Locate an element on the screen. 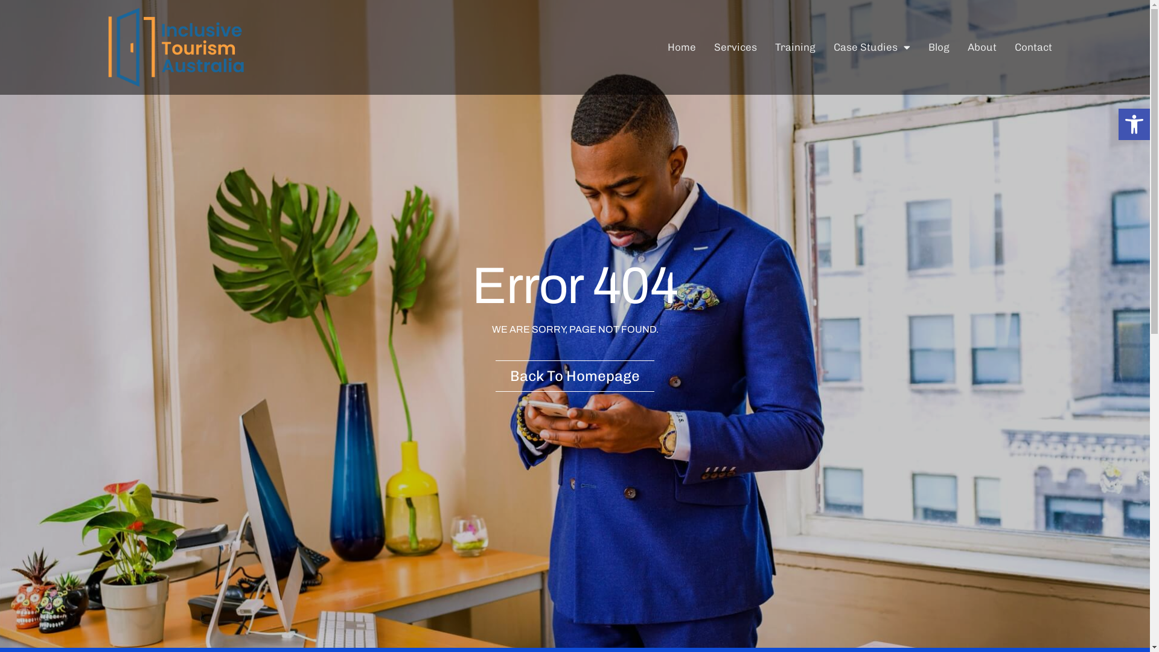 The height and width of the screenshot is (652, 1159). 'Contact' is located at coordinates (1032, 46).